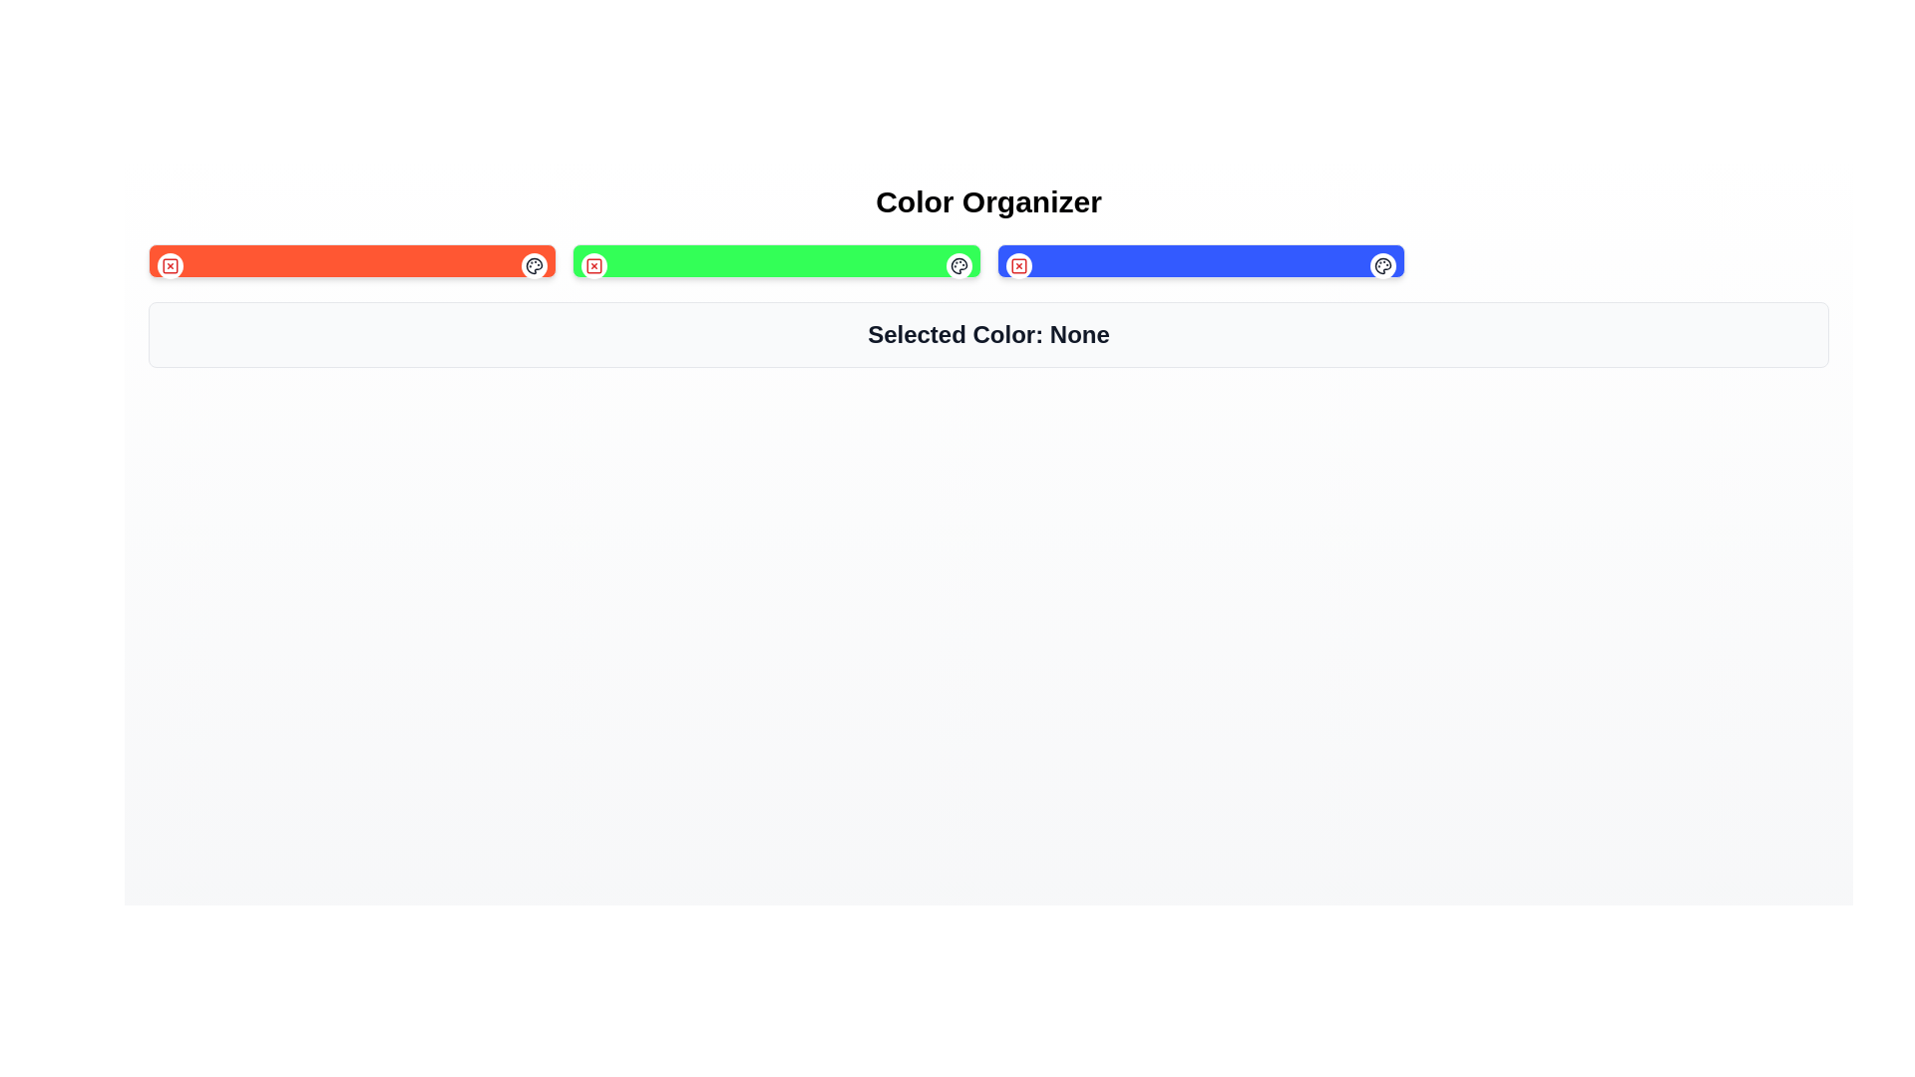 The height and width of the screenshot is (1077, 1915). What do you see at coordinates (1018, 264) in the screenshot?
I see `the red square button with a white 'X' on a circular background located at the right end of the blue horizontal bar` at bounding box center [1018, 264].